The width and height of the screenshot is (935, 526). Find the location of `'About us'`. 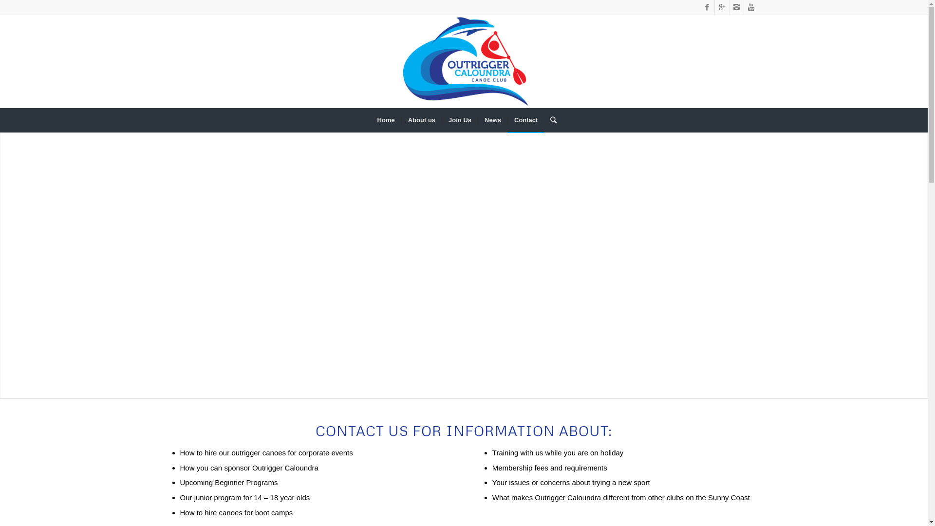

'About us' is located at coordinates (421, 119).